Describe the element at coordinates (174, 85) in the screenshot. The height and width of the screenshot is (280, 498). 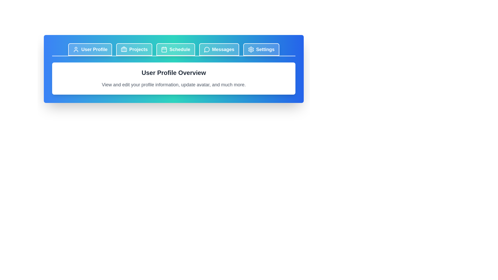
I see `the static text element displaying 'View and edit your profile information, update avatar, and much more.' which is located beneath the 'User Profile Overview' title` at that location.